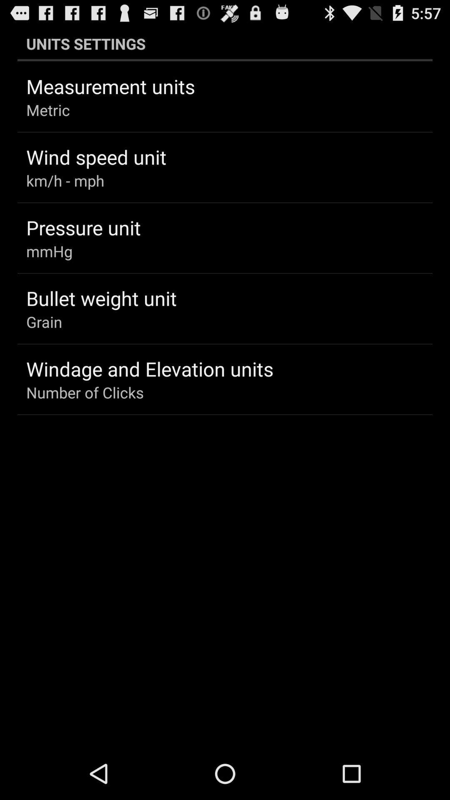 Image resolution: width=450 pixels, height=800 pixels. I want to click on the item below the km/h - mph icon, so click(83, 227).